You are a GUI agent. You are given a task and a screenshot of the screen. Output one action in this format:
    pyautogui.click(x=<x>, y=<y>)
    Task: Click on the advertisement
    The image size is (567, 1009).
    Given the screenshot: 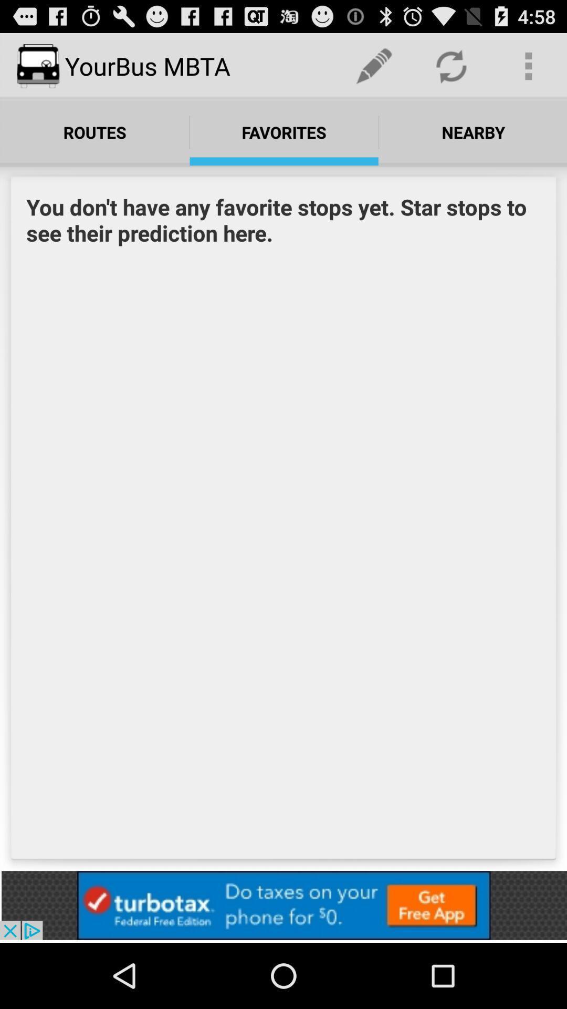 What is the action you would take?
    pyautogui.click(x=283, y=905)
    